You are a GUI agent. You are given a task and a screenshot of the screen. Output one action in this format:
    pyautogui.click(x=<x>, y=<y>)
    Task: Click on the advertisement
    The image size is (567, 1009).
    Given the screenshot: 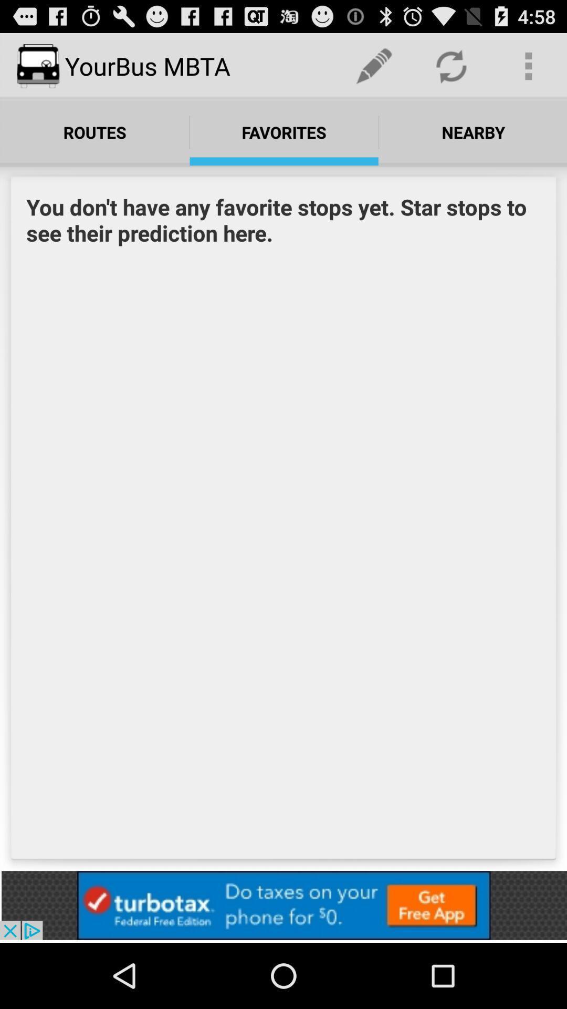 What is the action you would take?
    pyautogui.click(x=283, y=905)
    